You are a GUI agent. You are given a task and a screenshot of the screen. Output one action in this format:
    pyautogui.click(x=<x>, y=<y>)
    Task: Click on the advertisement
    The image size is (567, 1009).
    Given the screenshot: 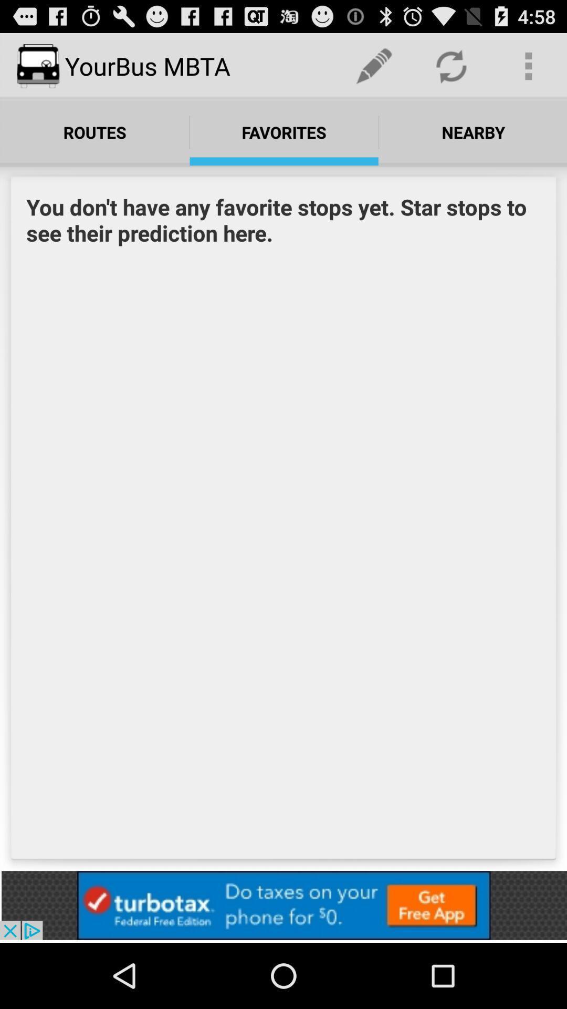 What is the action you would take?
    pyautogui.click(x=283, y=905)
    